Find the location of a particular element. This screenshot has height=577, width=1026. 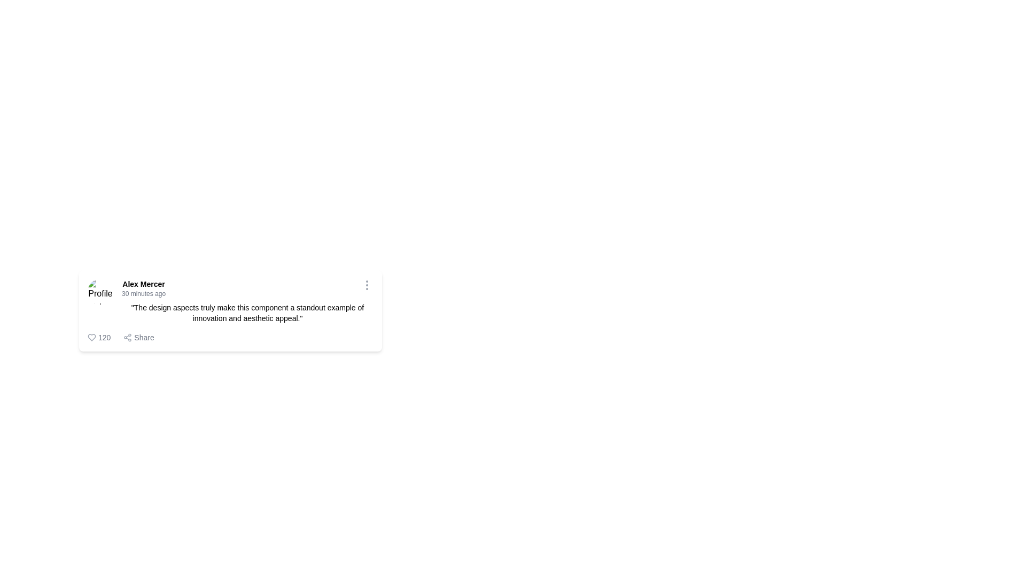

the circular profile picture representing the user 'Alex Mercer', which is located to the left of the text is located at coordinates (100, 292).